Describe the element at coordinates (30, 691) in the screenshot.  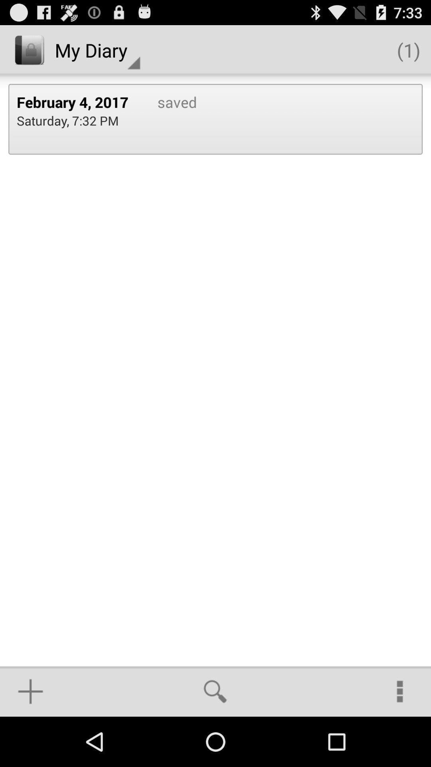
I see `item at the bottom left corner` at that location.